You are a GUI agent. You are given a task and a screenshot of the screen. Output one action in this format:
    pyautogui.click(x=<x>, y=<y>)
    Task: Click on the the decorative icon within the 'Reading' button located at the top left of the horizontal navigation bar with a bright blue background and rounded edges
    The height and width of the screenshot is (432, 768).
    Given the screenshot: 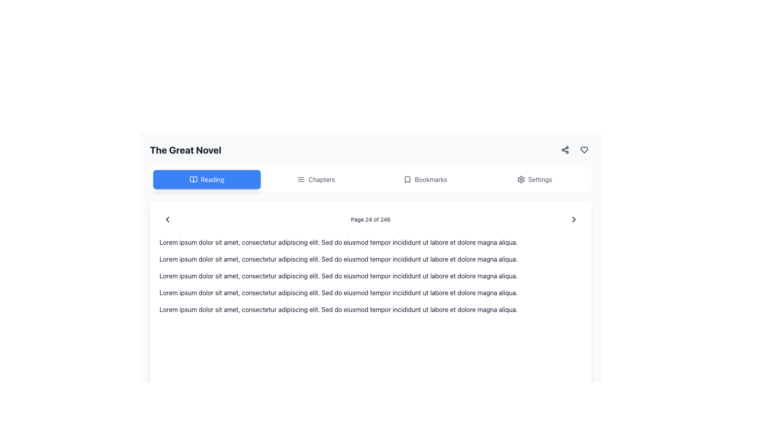 What is the action you would take?
    pyautogui.click(x=194, y=179)
    